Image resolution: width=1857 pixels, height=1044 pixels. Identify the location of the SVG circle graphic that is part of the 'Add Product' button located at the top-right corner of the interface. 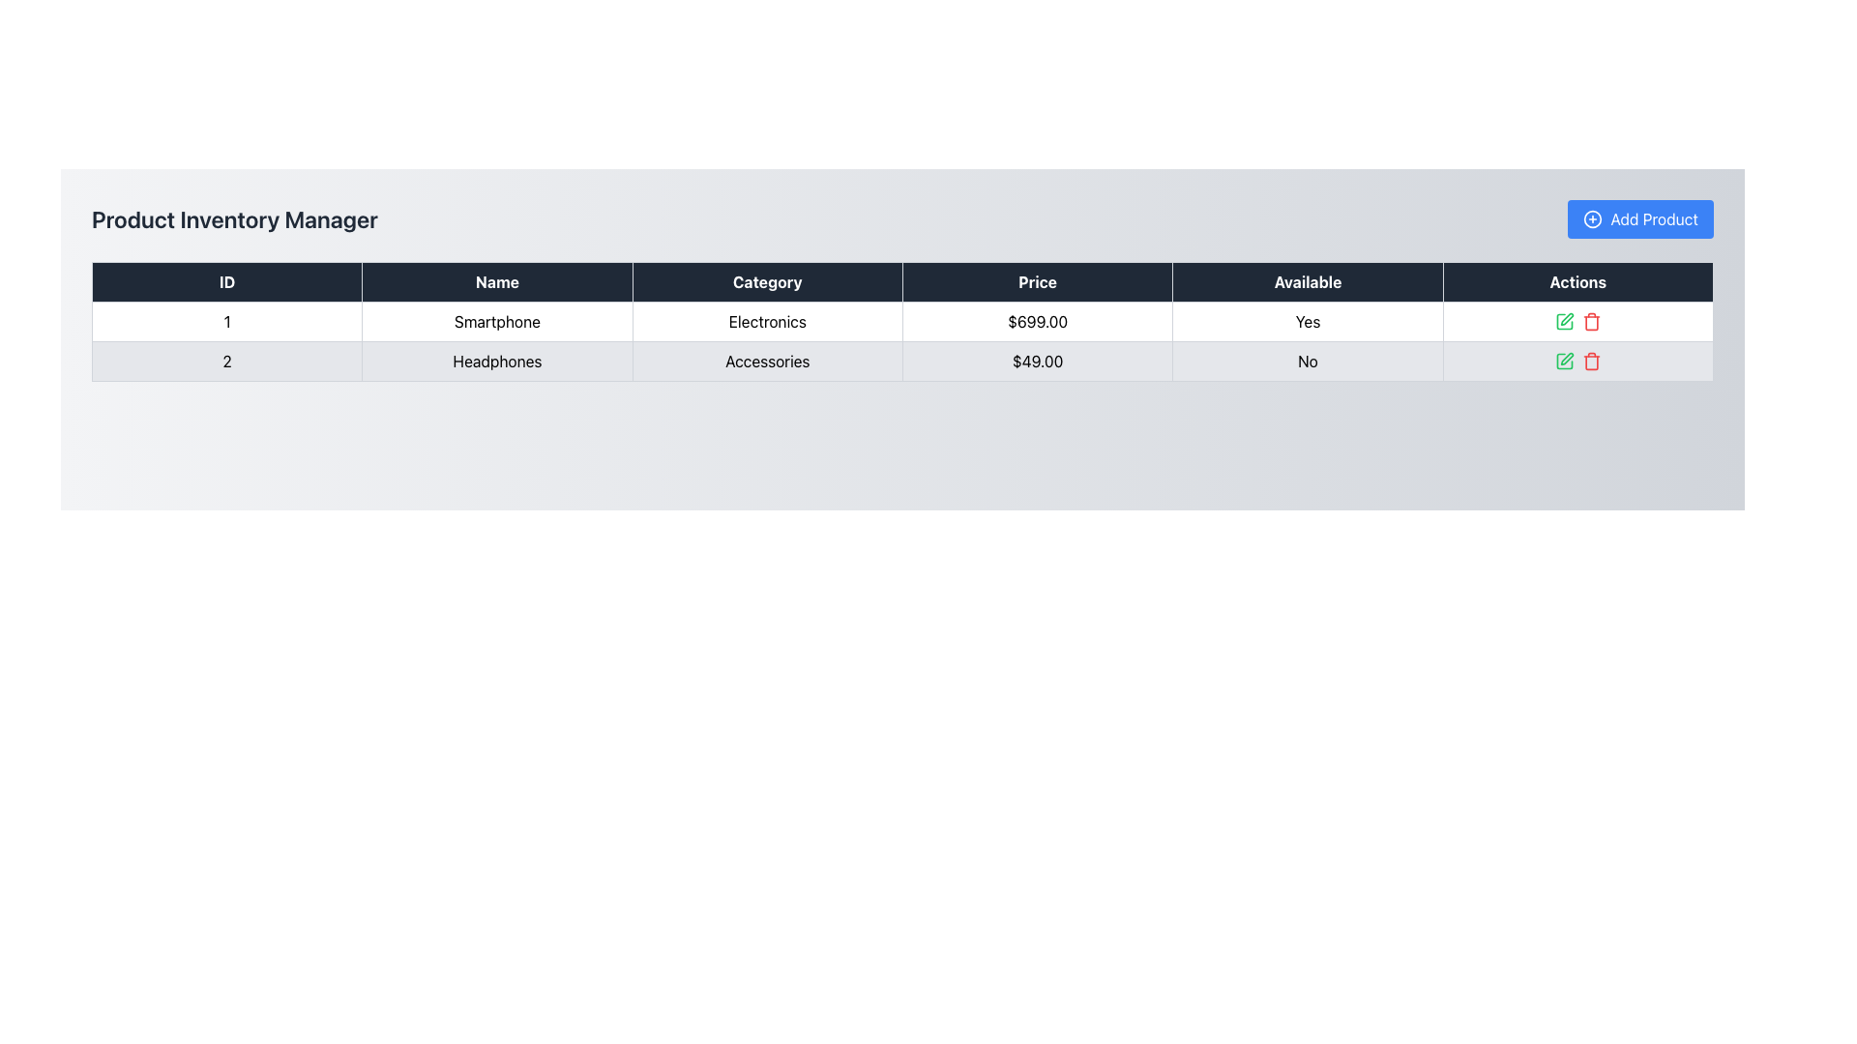
(1593, 218).